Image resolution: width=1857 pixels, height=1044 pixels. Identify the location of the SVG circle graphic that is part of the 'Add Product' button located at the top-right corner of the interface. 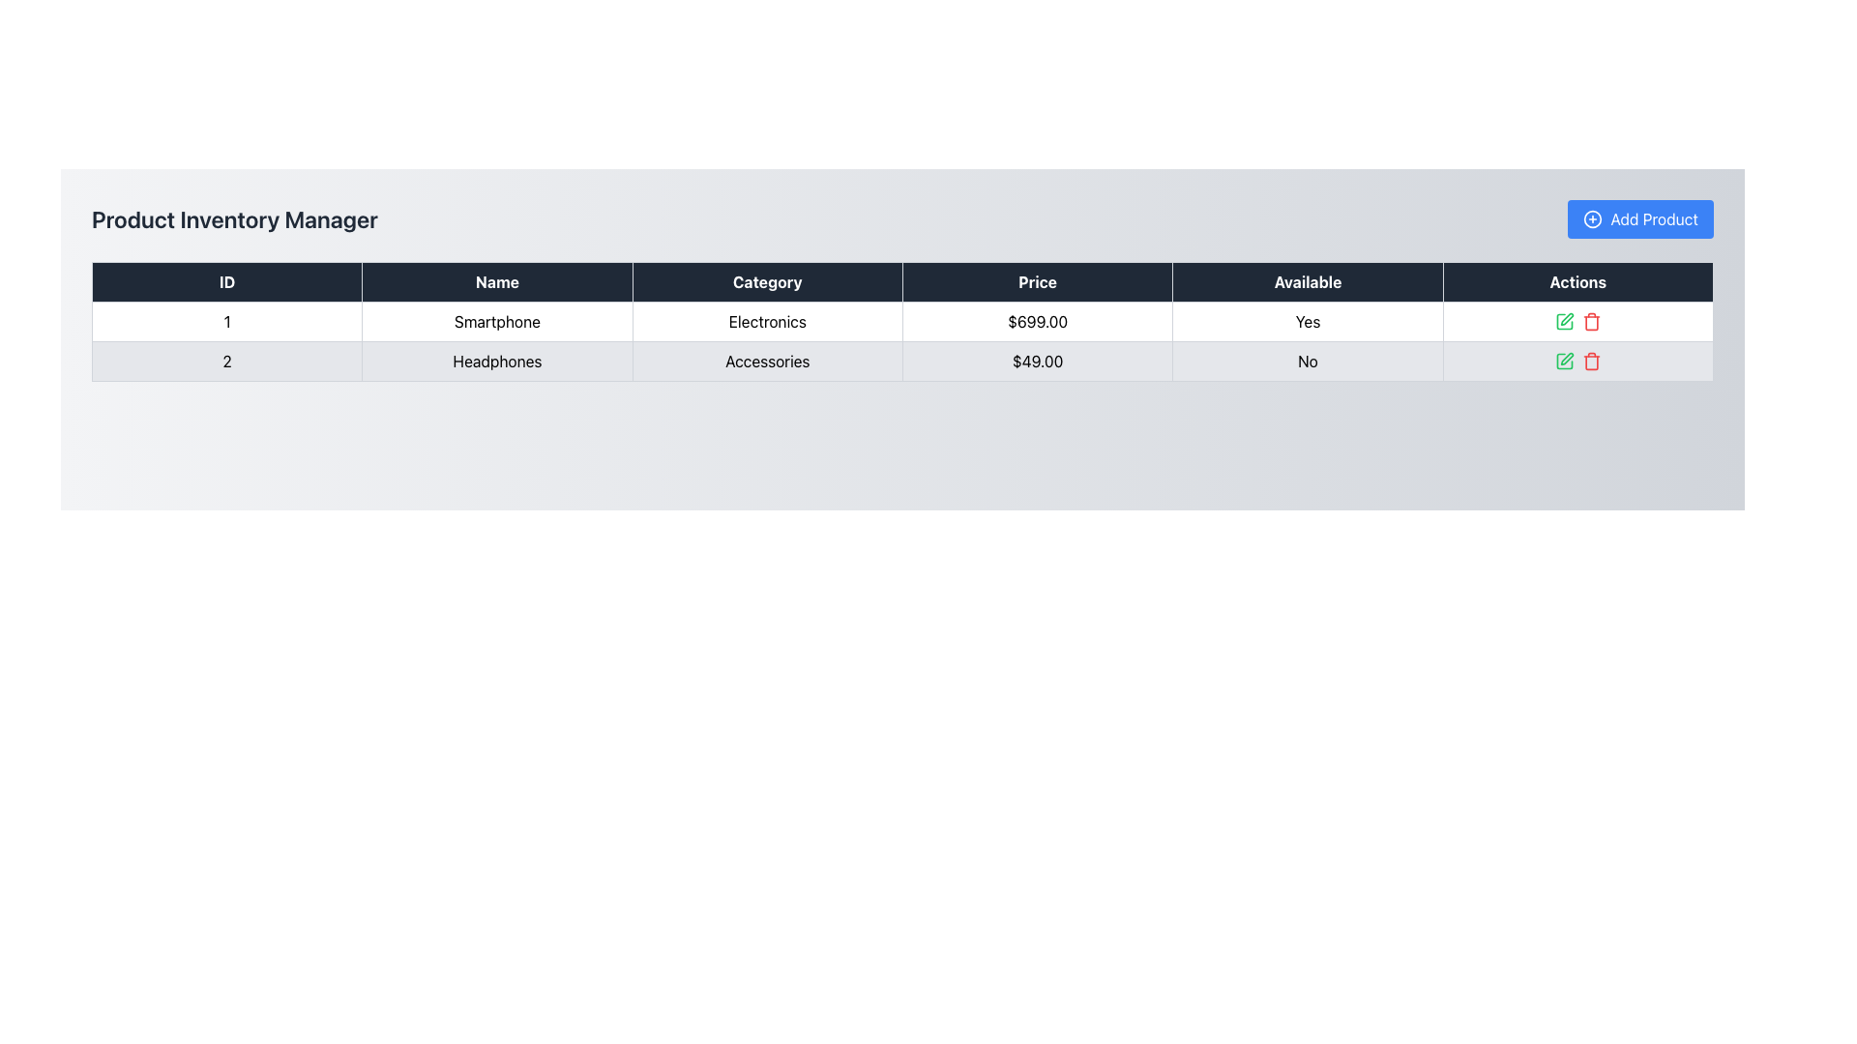
(1593, 218).